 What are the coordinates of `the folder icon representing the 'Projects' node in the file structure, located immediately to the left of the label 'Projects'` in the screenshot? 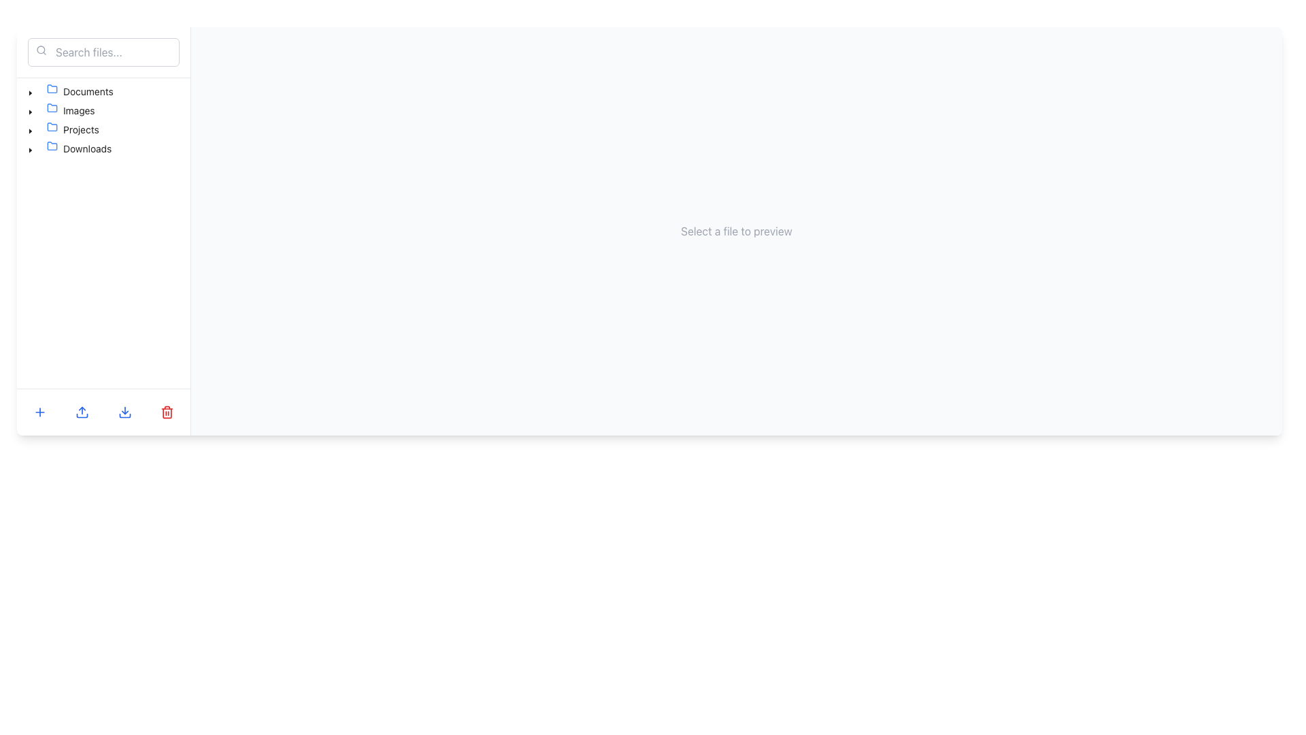 It's located at (54, 130).